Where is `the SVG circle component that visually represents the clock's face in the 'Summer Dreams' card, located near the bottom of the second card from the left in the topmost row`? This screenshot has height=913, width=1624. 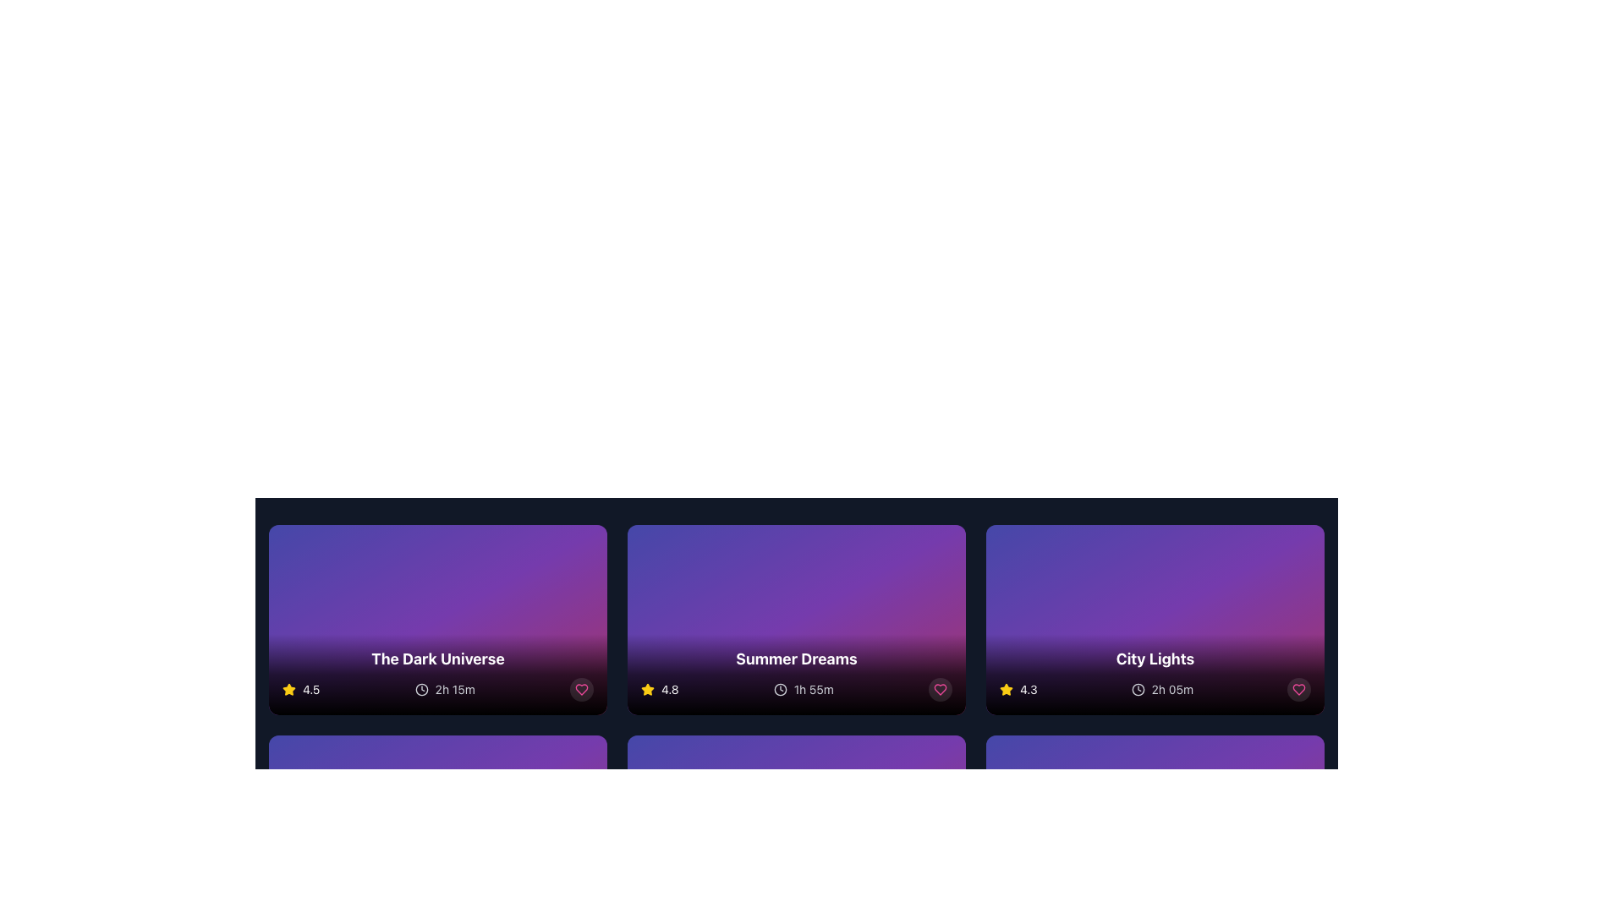 the SVG circle component that visually represents the clock's face in the 'Summer Dreams' card, located near the bottom of the second card from the left in the topmost row is located at coordinates (779, 899).